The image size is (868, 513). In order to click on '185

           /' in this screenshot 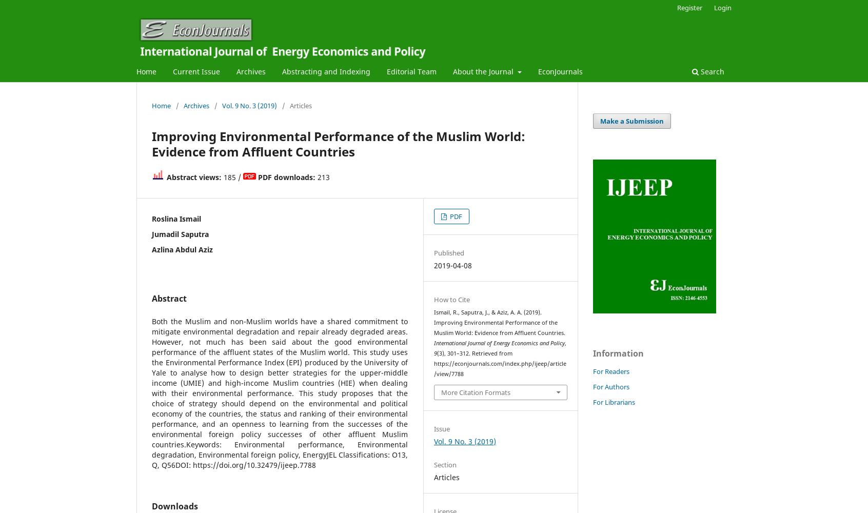, I will do `click(231, 176)`.